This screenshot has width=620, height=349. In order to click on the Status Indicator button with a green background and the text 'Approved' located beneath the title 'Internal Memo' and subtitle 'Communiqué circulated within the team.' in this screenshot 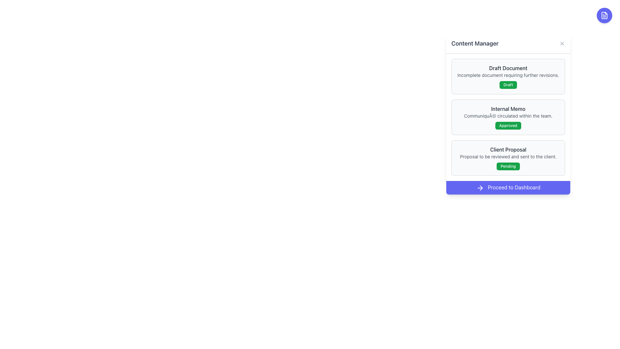, I will do `click(508, 126)`.